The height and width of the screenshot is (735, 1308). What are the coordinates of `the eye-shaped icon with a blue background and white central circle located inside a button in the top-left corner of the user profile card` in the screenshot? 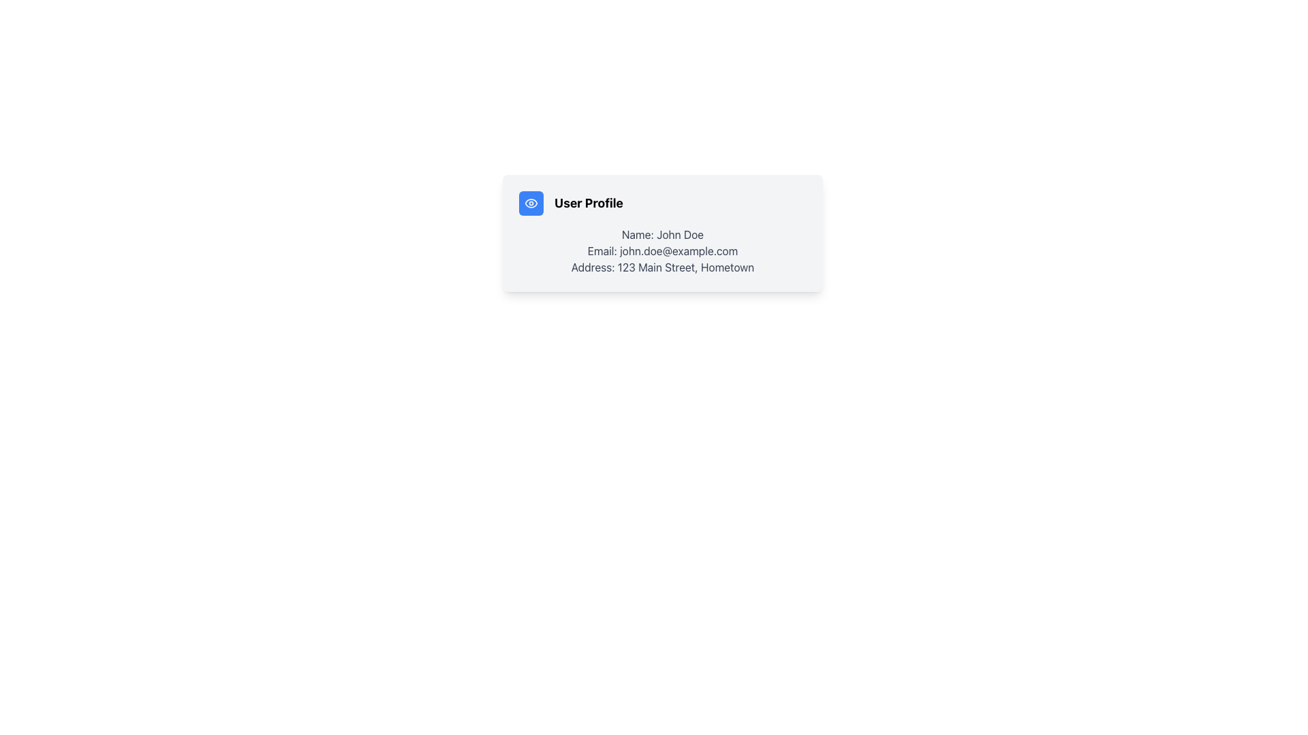 It's located at (530, 203).